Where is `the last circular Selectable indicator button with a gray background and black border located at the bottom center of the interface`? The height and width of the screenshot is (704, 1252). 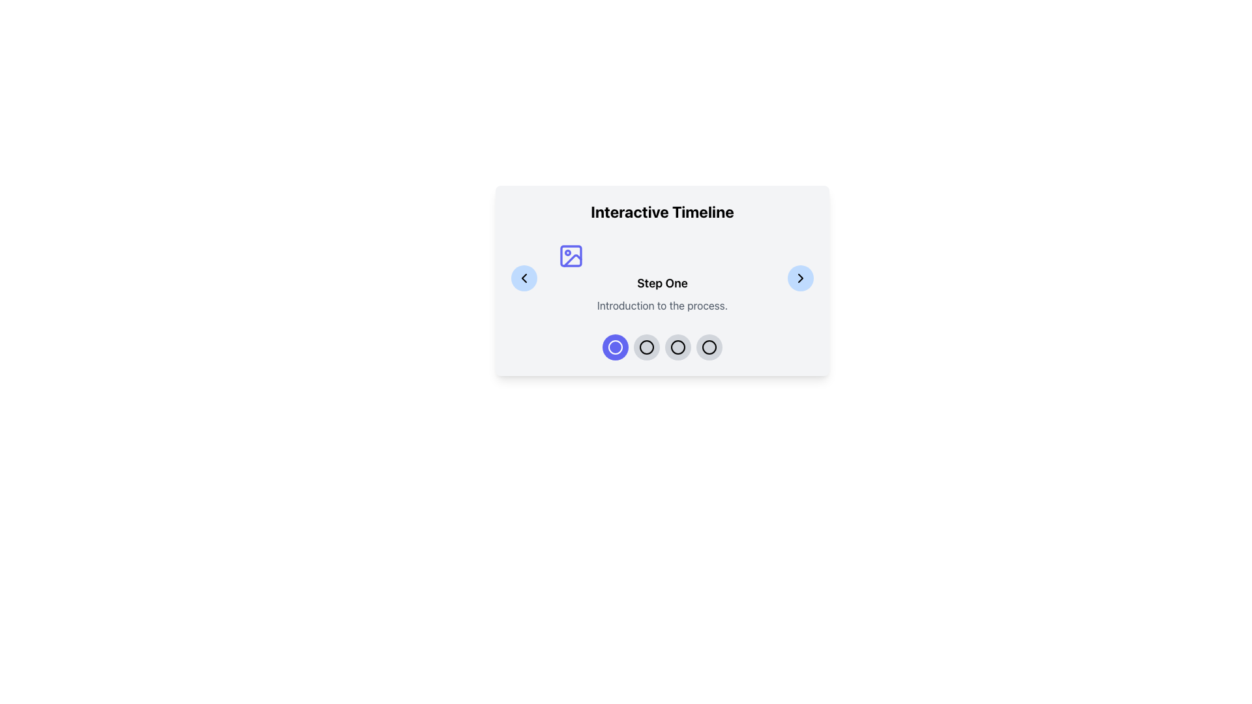 the last circular Selectable indicator button with a gray background and black border located at the bottom center of the interface is located at coordinates (709, 346).